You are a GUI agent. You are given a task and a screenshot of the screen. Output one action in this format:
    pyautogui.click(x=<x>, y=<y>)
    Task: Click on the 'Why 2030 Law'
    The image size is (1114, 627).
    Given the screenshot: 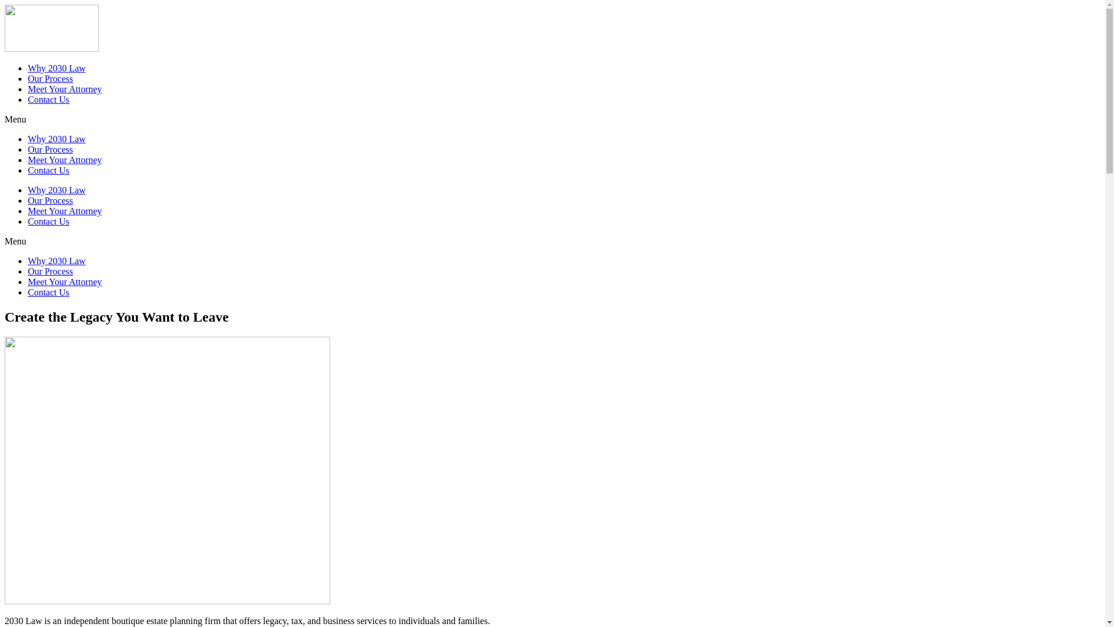 What is the action you would take?
    pyautogui.click(x=56, y=189)
    